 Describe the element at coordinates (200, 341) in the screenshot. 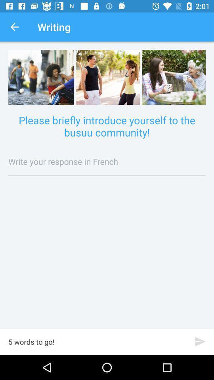

I see `item next to the 5 words to` at that location.